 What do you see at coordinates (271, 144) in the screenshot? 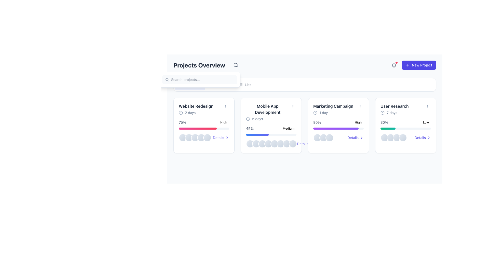
I see `the collection of styled circular icons located within the 'Mobile App Development' section, positioned above the 'Details' link` at bounding box center [271, 144].